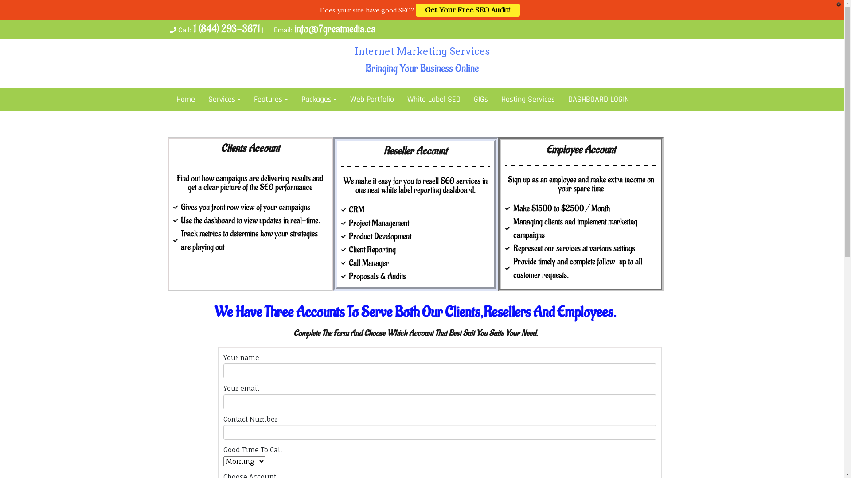 This screenshot has height=478, width=851. Describe the element at coordinates (598, 99) in the screenshot. I see `'DASHBOARD LOGIN'` at that location.